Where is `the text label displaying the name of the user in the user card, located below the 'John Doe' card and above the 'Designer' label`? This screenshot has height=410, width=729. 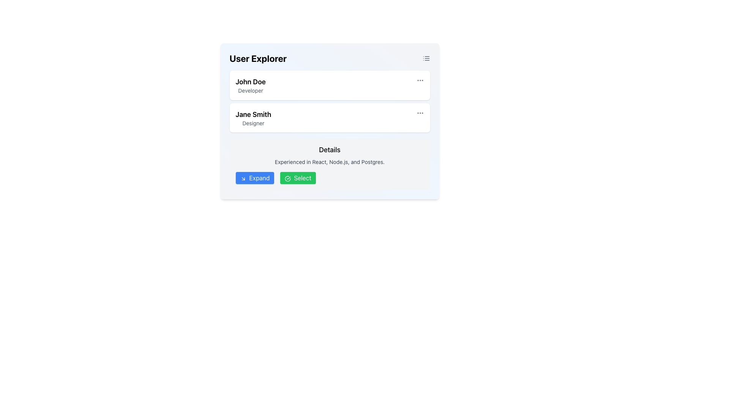 the text label displaying the name of the user in the user card, located below the 'John Doe' card and above the 'Designer' label is located at coordinates (253, 114).